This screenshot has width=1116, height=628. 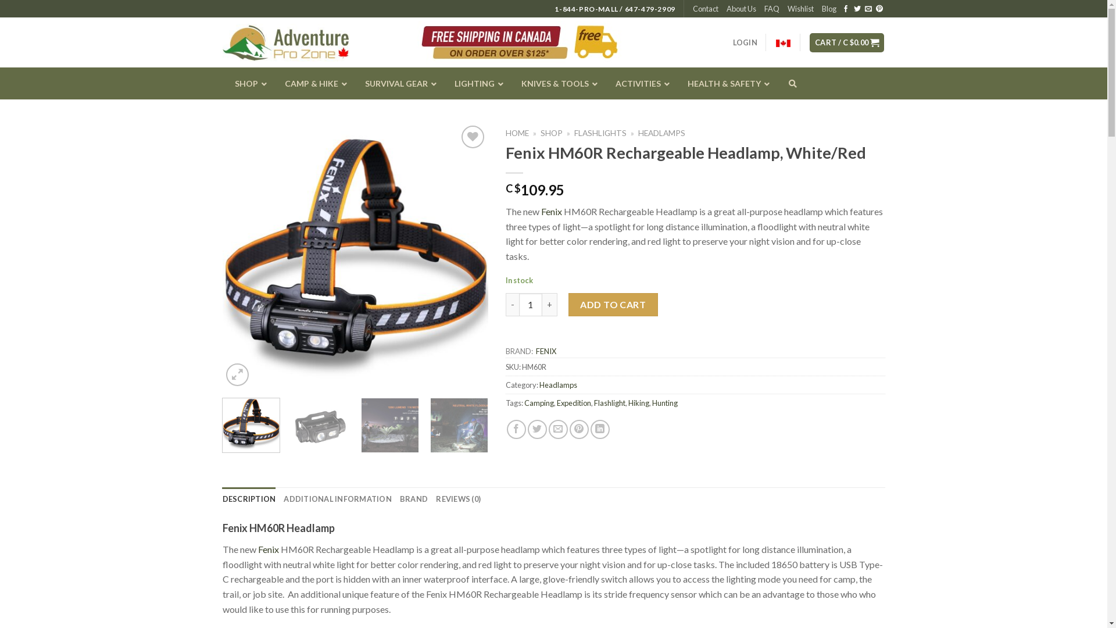 What do you see at coordinates (267, 549) in the screenshot?
I see `'Fenix'` at bounding box center [267, 549].